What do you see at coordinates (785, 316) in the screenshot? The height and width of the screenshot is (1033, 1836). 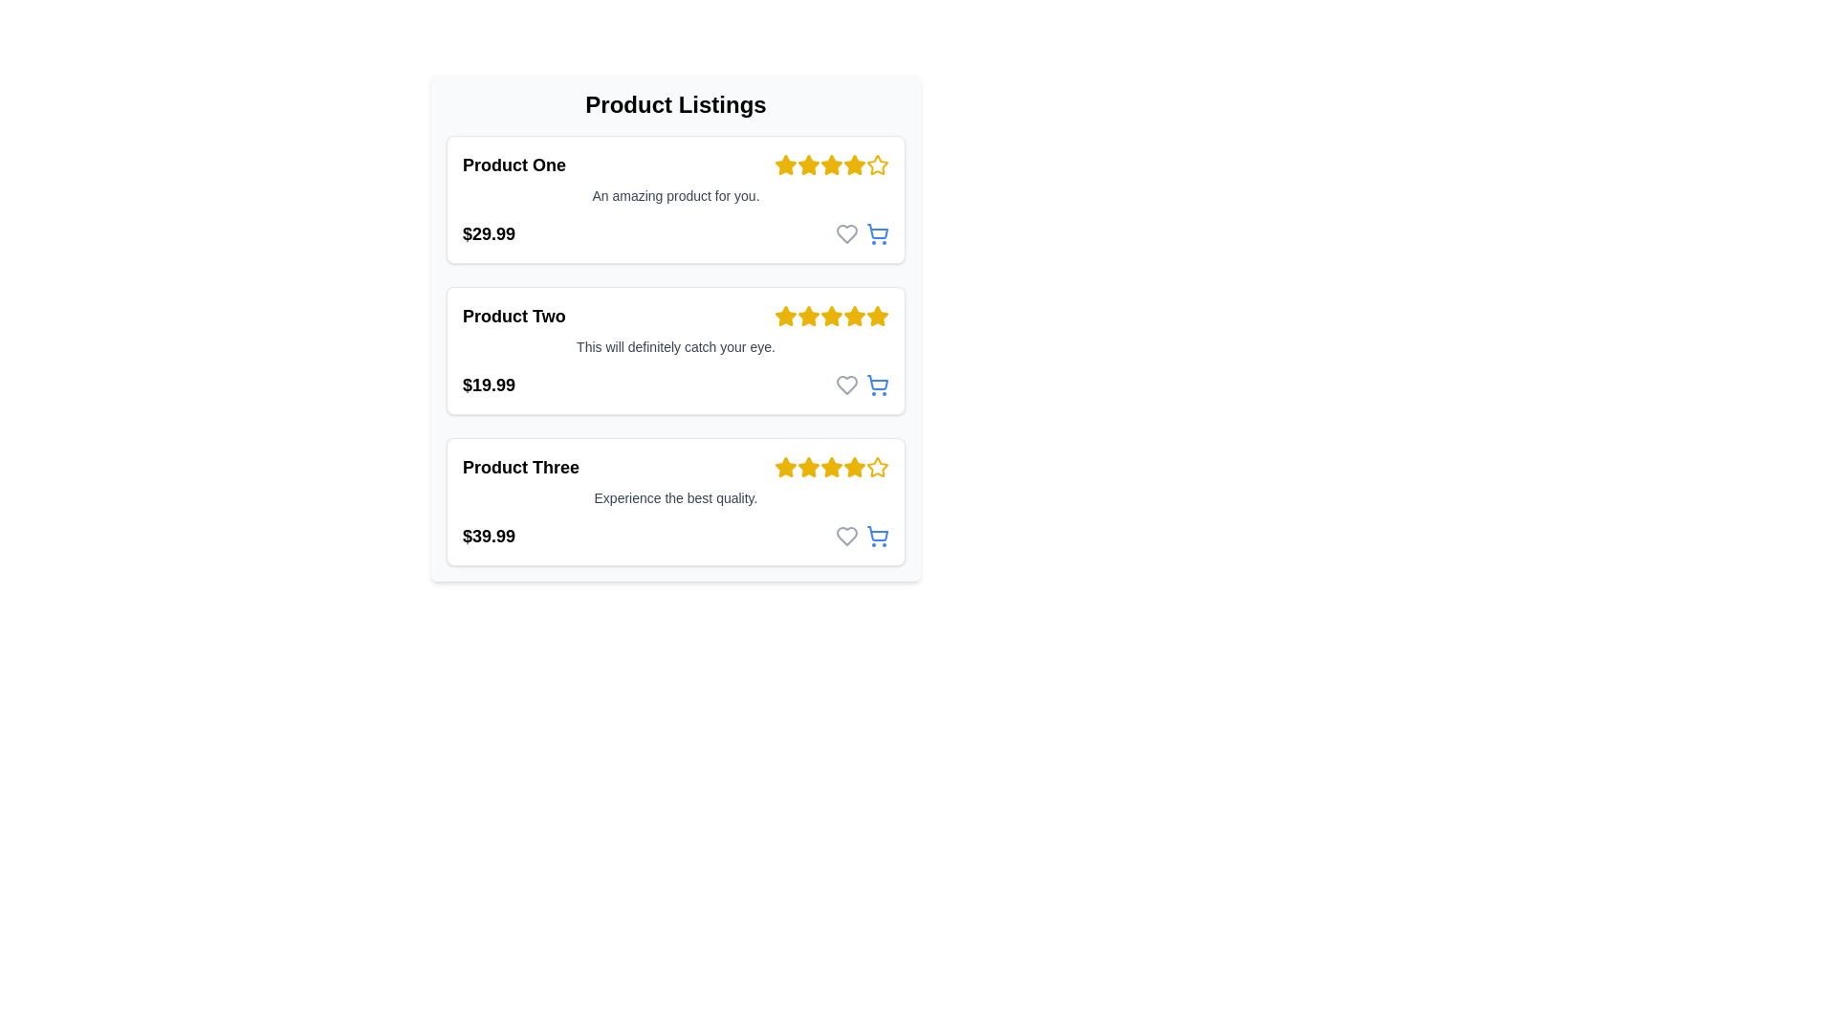 I see `the first star icon in the rating section for 'Product Two' in the second product card to rate it` at bounding box center [785, 316].